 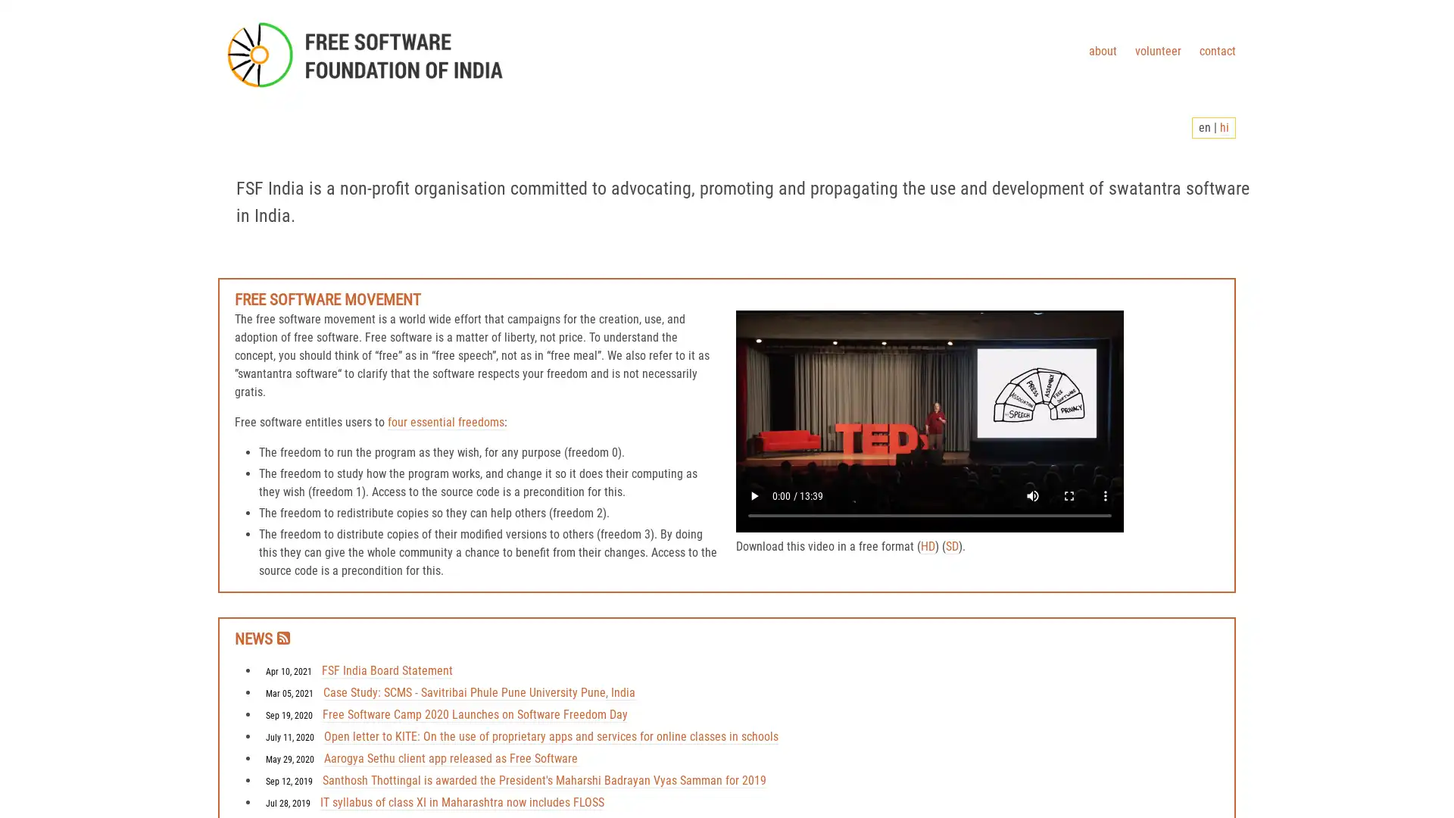 What do you see at coordinates (1105, 496) in the screenshot?
I see `show more media controls` at bounding box center [1105, 496].